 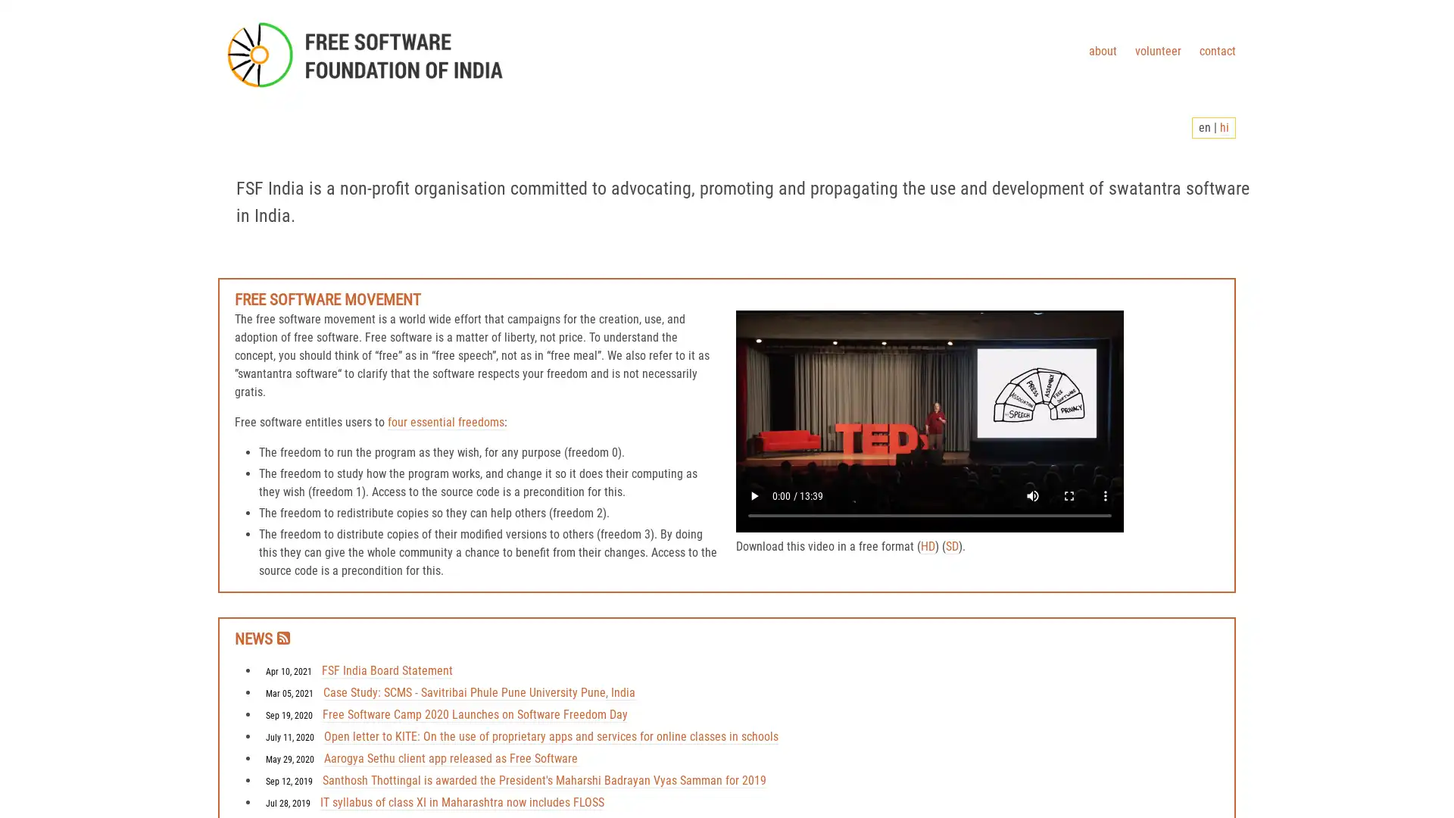 What do you see at coordinates (1105, 496) in the screenshot?
I see `show more media controls` at bounding box center [1105, 496].